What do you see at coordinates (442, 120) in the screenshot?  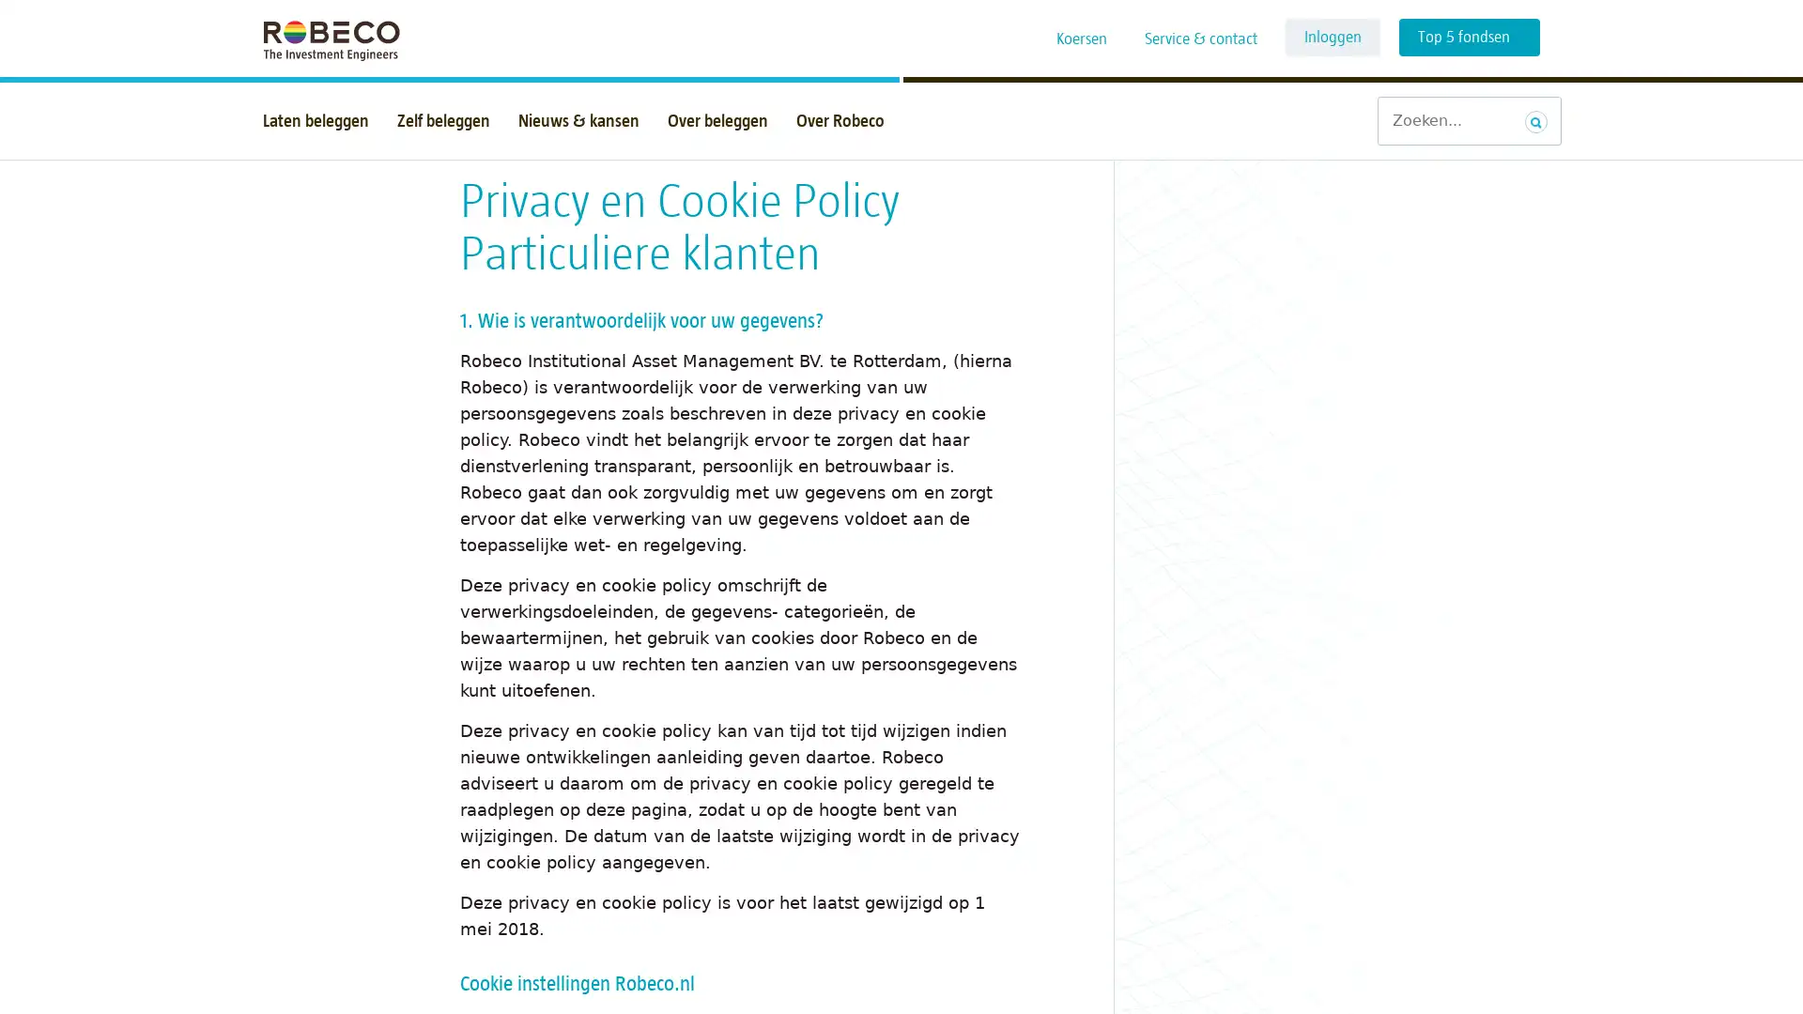 I see `Zelf beleggen` at bounding box center [442, 120].